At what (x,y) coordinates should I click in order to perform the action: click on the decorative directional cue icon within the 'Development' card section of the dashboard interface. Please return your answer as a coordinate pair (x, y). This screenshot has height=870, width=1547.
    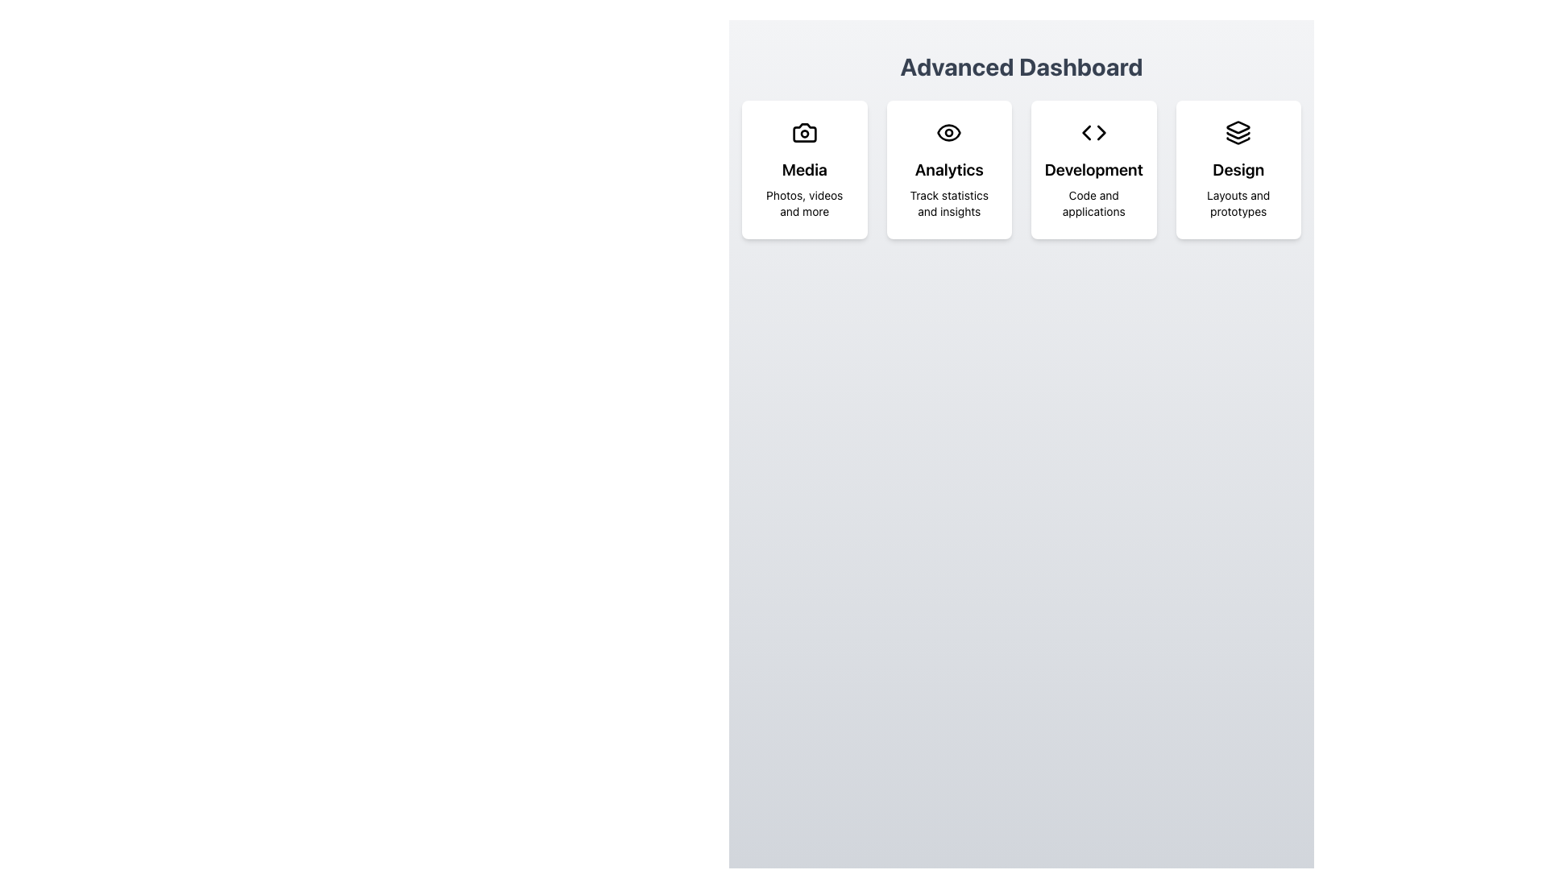
    Looking at the image, I should click on (1101, 132).